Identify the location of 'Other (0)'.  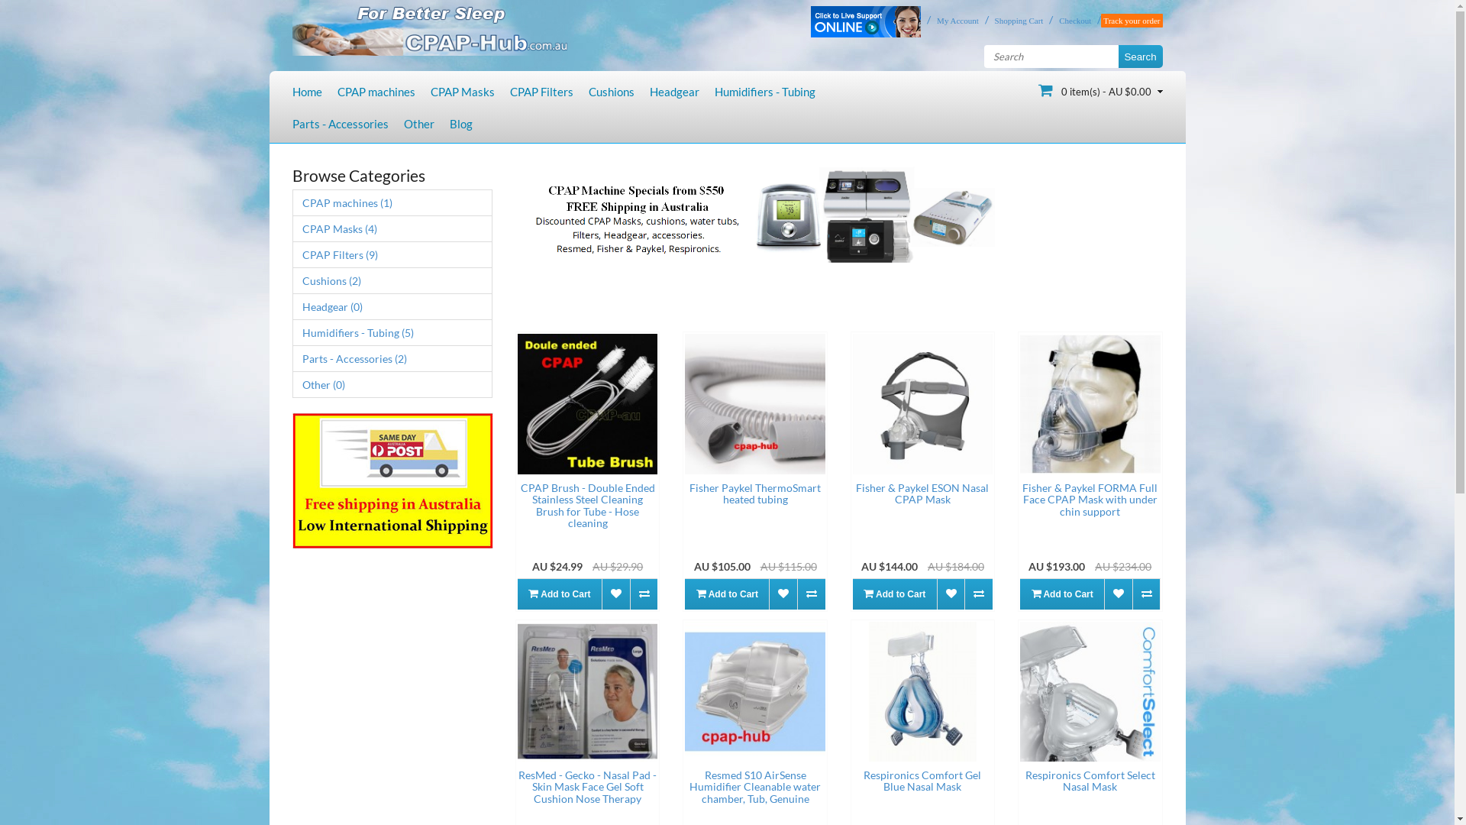
(392, 383).